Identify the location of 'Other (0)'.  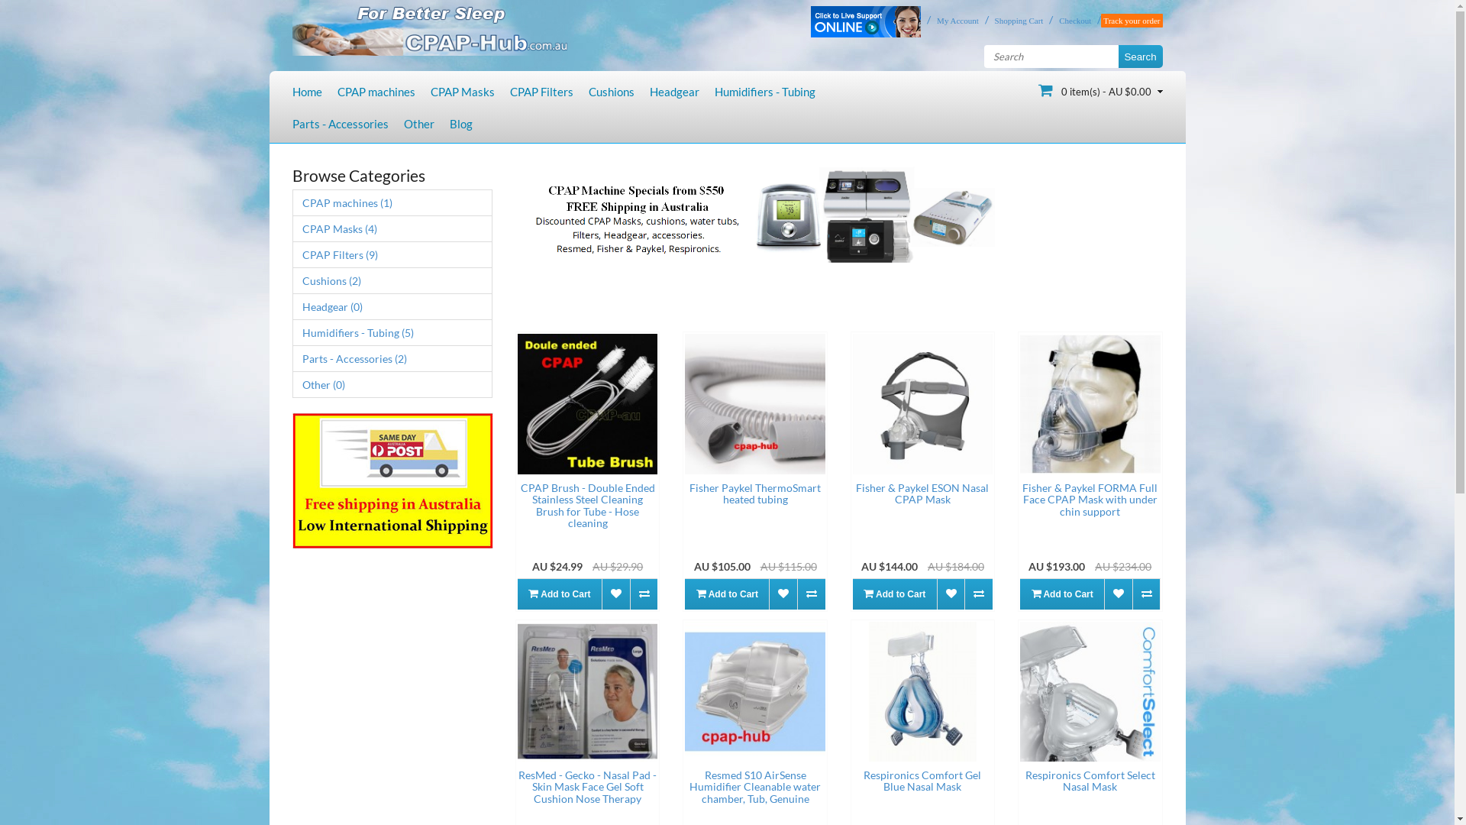
(392, 383).